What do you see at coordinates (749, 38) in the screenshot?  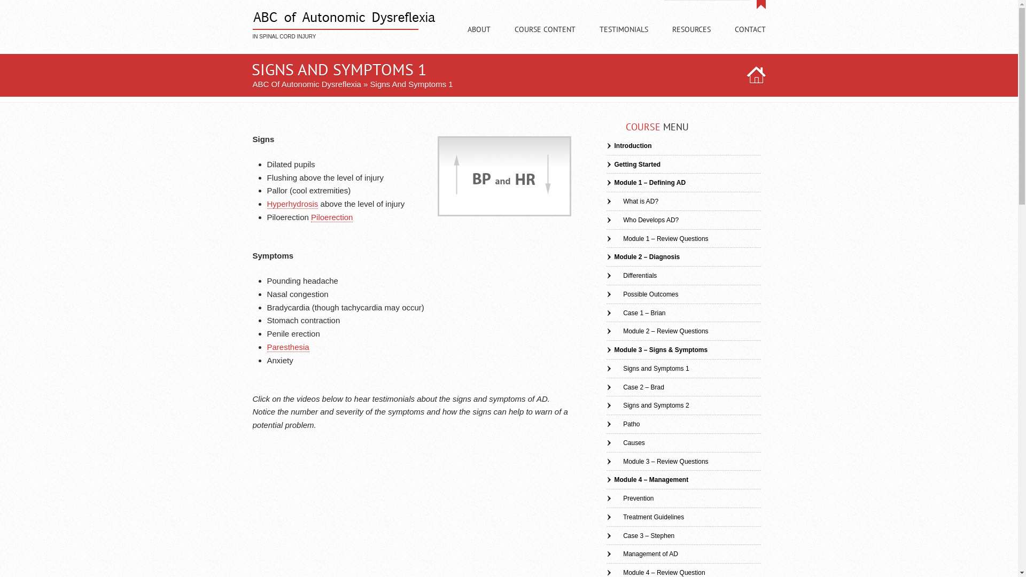 I see `'CONTACT'` at bounding box center [749, 38].